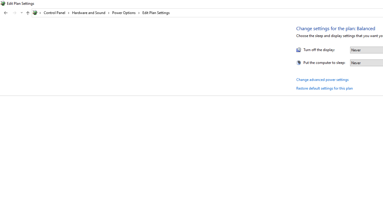  Describe the element at coordinates (91, 13) in the screenshot. I see `'Hardware and Sound'` at that location.